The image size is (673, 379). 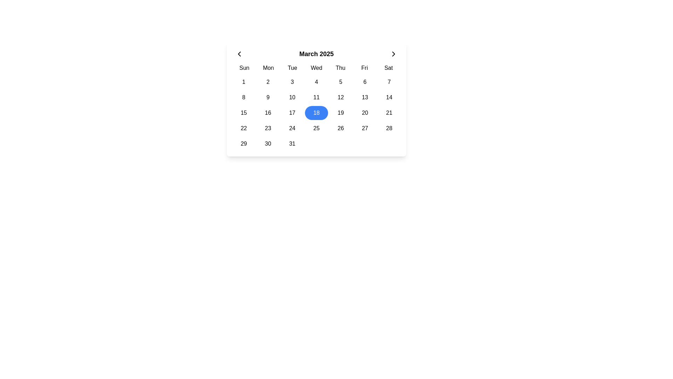 What do you see at coordinates (316, 68) in the screenshot?
I see `the Text header row that specifies the days of the week for the calendar grid` at bounding box center [316, 68].